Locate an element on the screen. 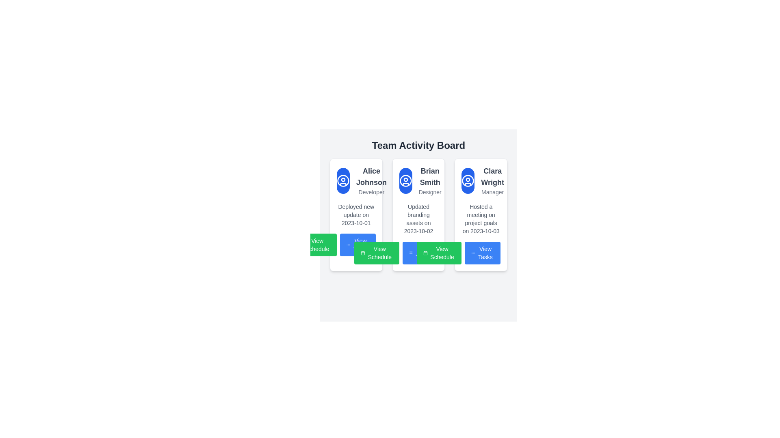 The image size is (780, 438). the second button in the horizontal list of buttons is located at coordinates (438, 253).